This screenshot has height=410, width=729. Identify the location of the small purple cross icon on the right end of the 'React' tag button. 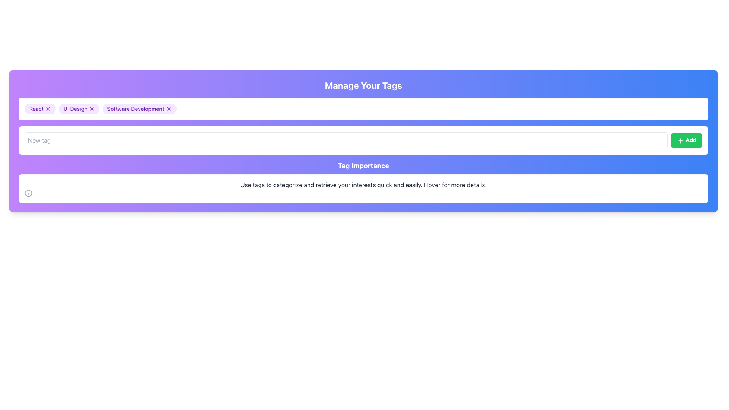
(47, 109).